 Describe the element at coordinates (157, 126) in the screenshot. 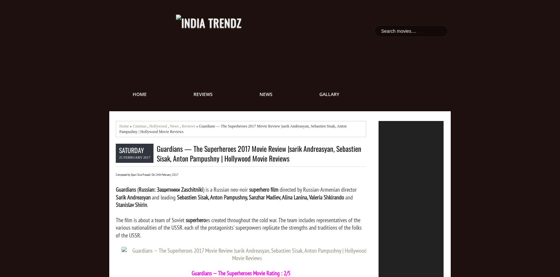

I see `'Hollywood'` at that location.